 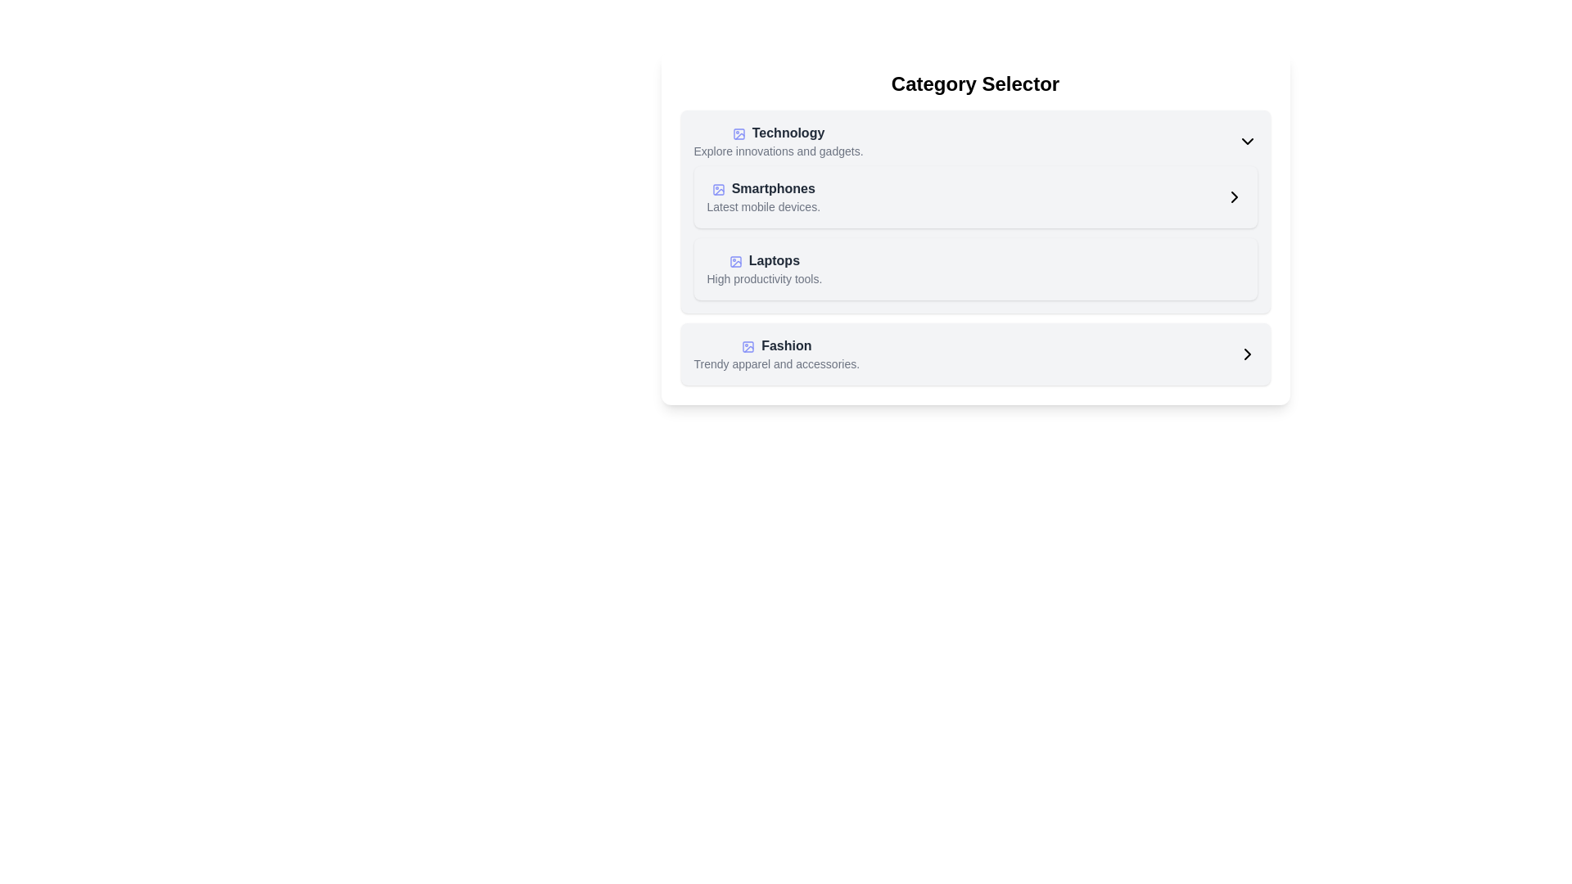 What do you see at coordinates (775, 363) in the screenshot?
I see `the descriptive text label located below the 'Fashion' category, which provides additional information about it` at bounding box center [775, 363].